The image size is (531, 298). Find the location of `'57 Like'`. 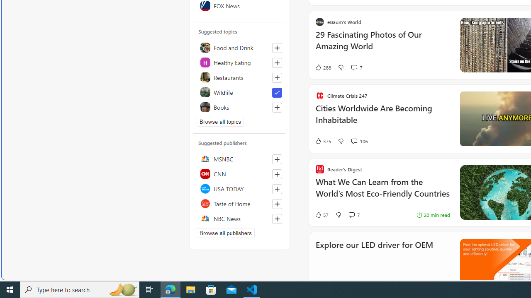

'57 Like' is located at coordinates (321, 214).